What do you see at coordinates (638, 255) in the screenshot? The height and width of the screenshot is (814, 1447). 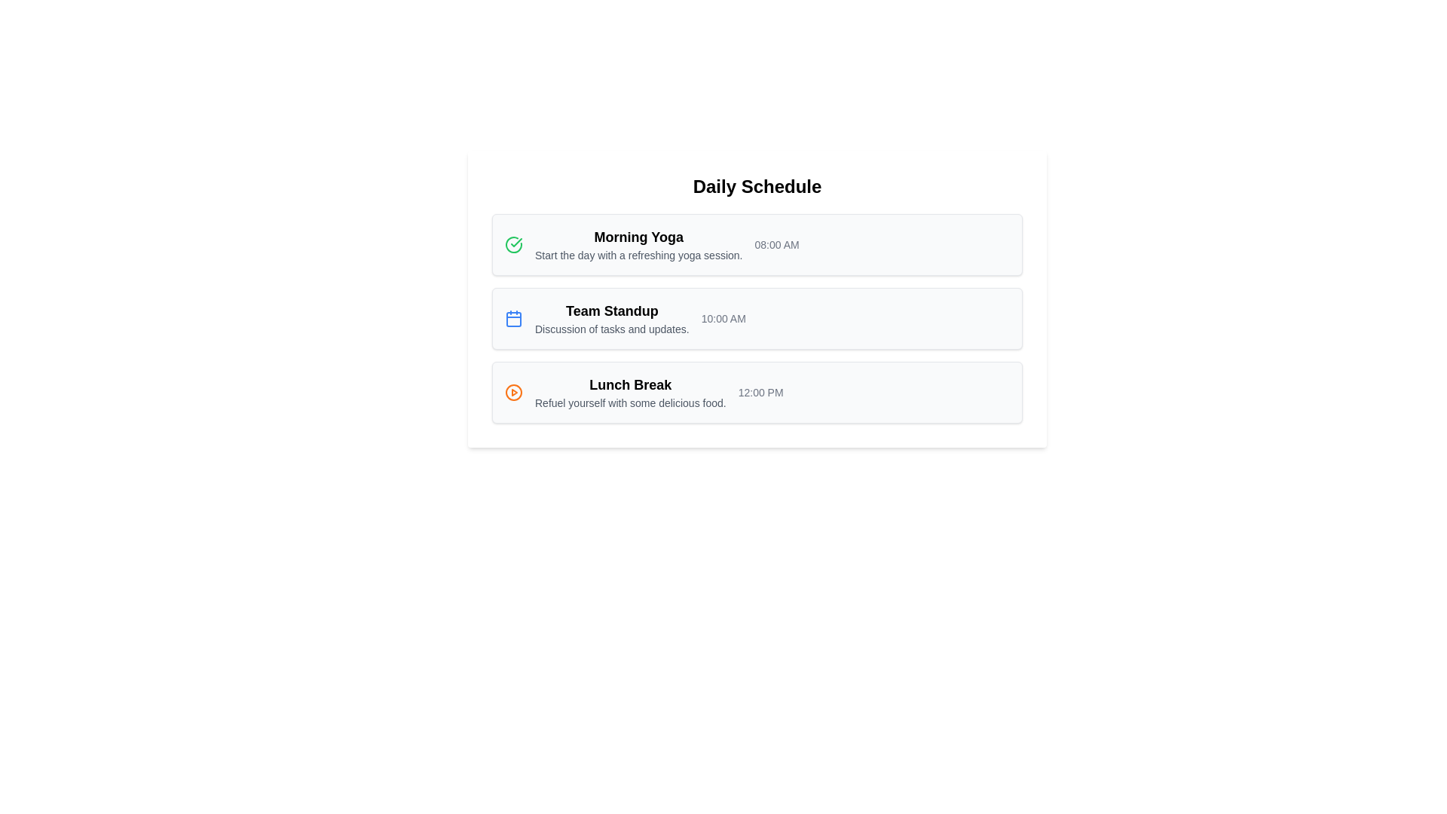 I see `the static text description providing additional information about the 'Morning Yoga' session, which is positioned below the title within a grouped box layout` at bounding box center [638, 255].